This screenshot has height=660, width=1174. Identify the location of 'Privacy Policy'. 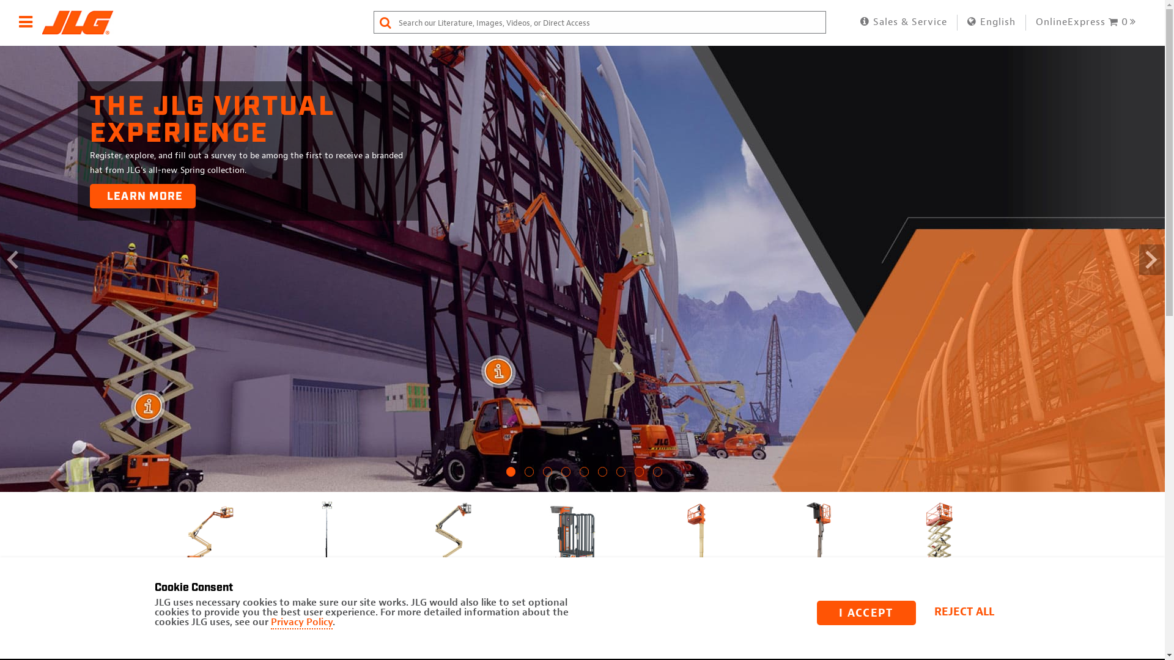
(301, 622).